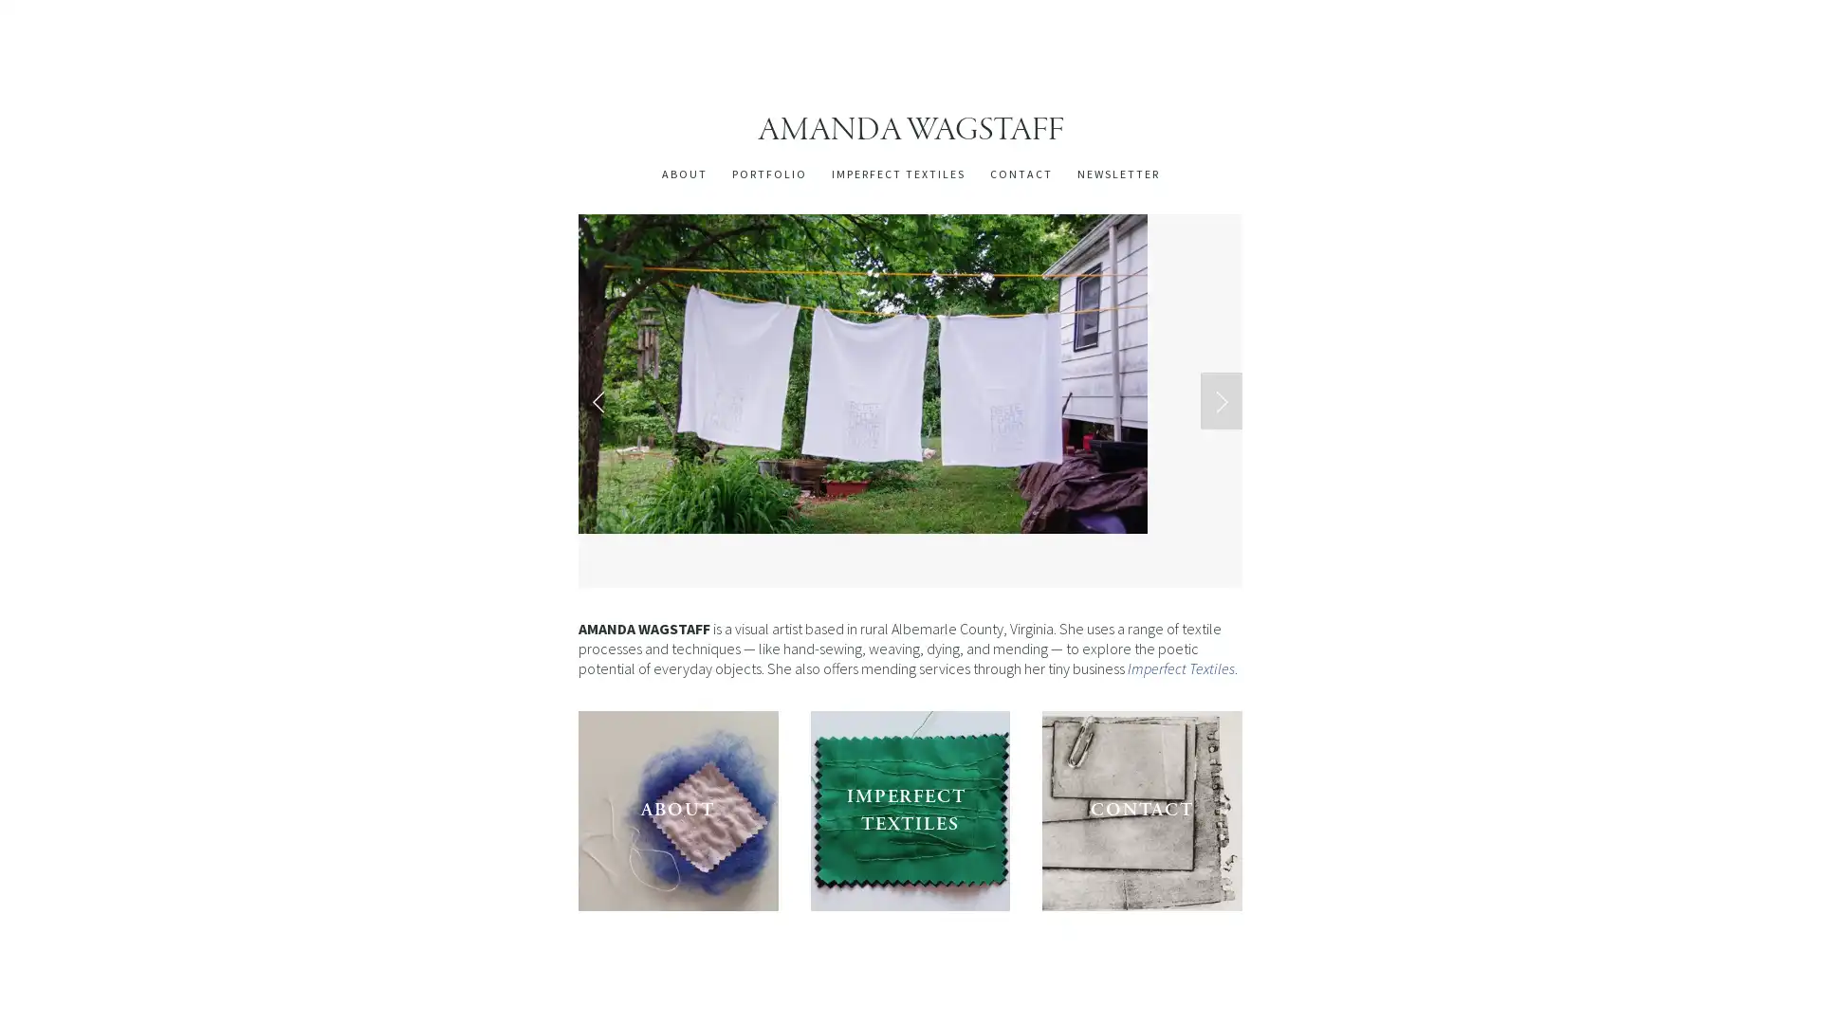 The image size is (1821, 1024). Describe the element at coordinates (1221, 398) in the screenshot. I see `Next Slide` at that location.